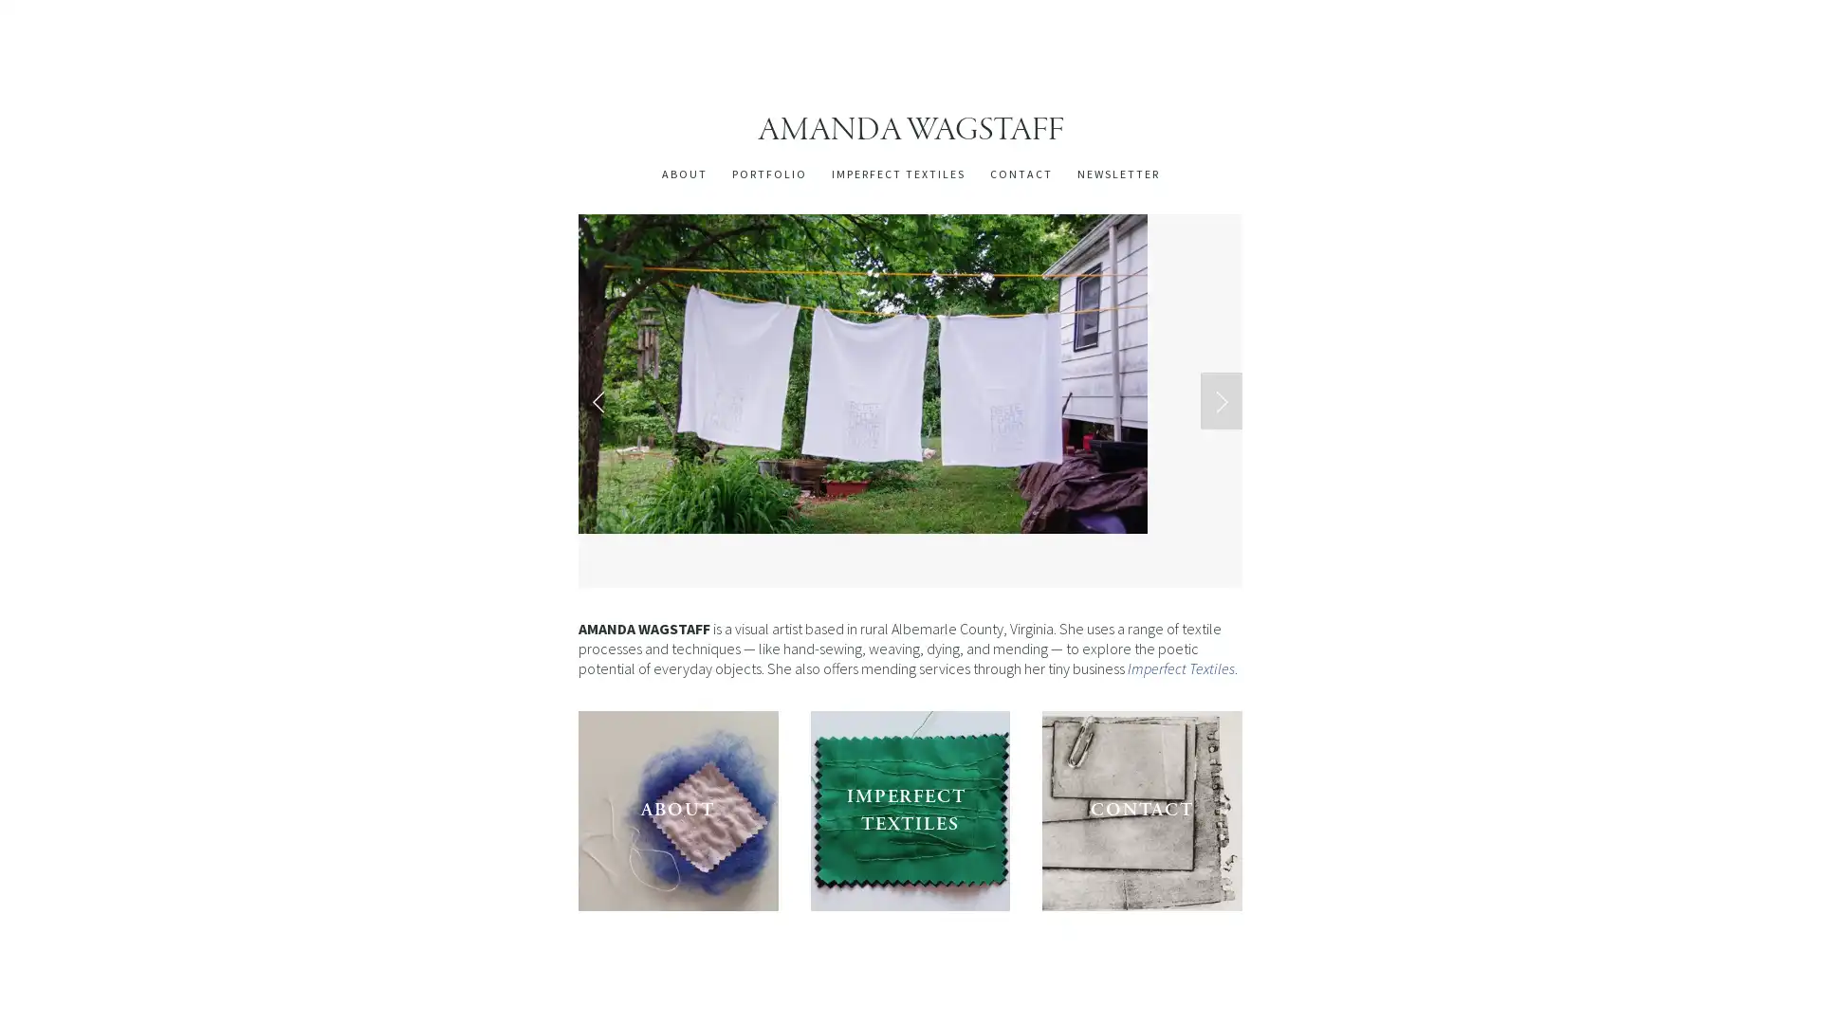 The image size is (1821, 1024). Describe the element at coordinates (1221, 398) in the screenshot. I see `Next Slide` at that location.